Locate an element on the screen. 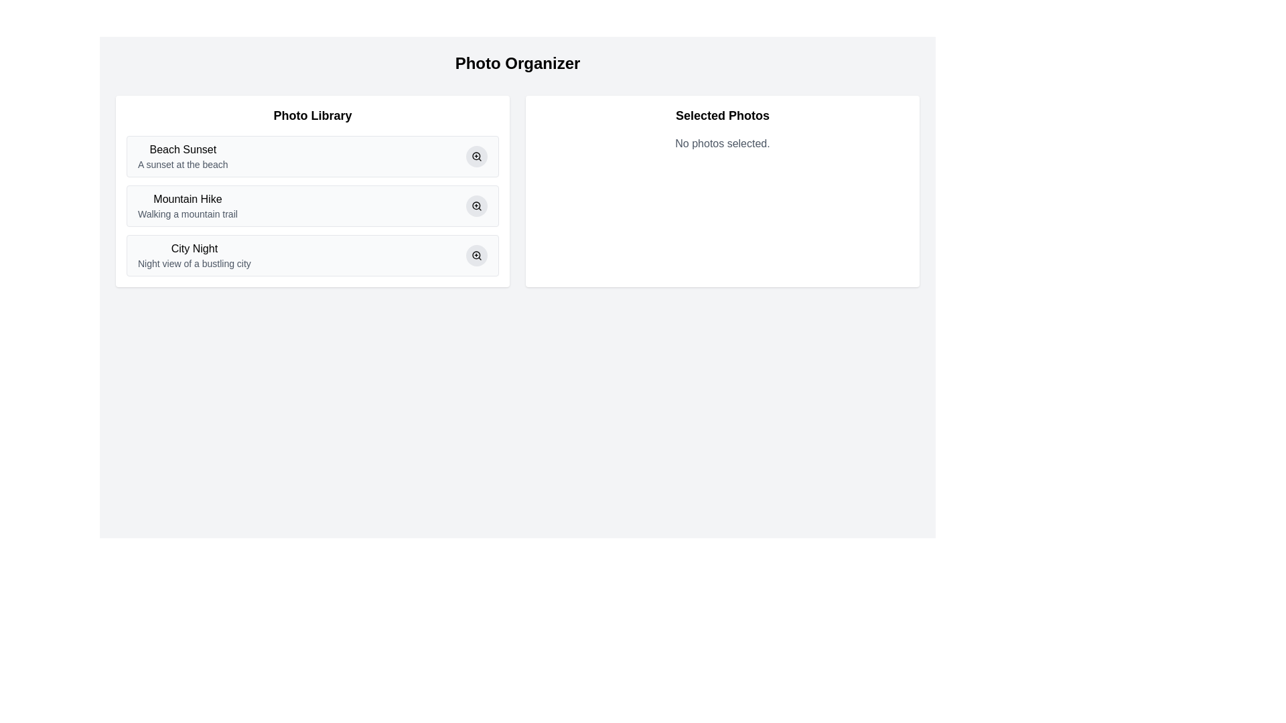 This screenshot has width=1286, height=723. the magnifying glass icon with a '+' symbol in the 'Mountain Hike' list item of the 'Photo Library' section is located at coordinates (476, 206).